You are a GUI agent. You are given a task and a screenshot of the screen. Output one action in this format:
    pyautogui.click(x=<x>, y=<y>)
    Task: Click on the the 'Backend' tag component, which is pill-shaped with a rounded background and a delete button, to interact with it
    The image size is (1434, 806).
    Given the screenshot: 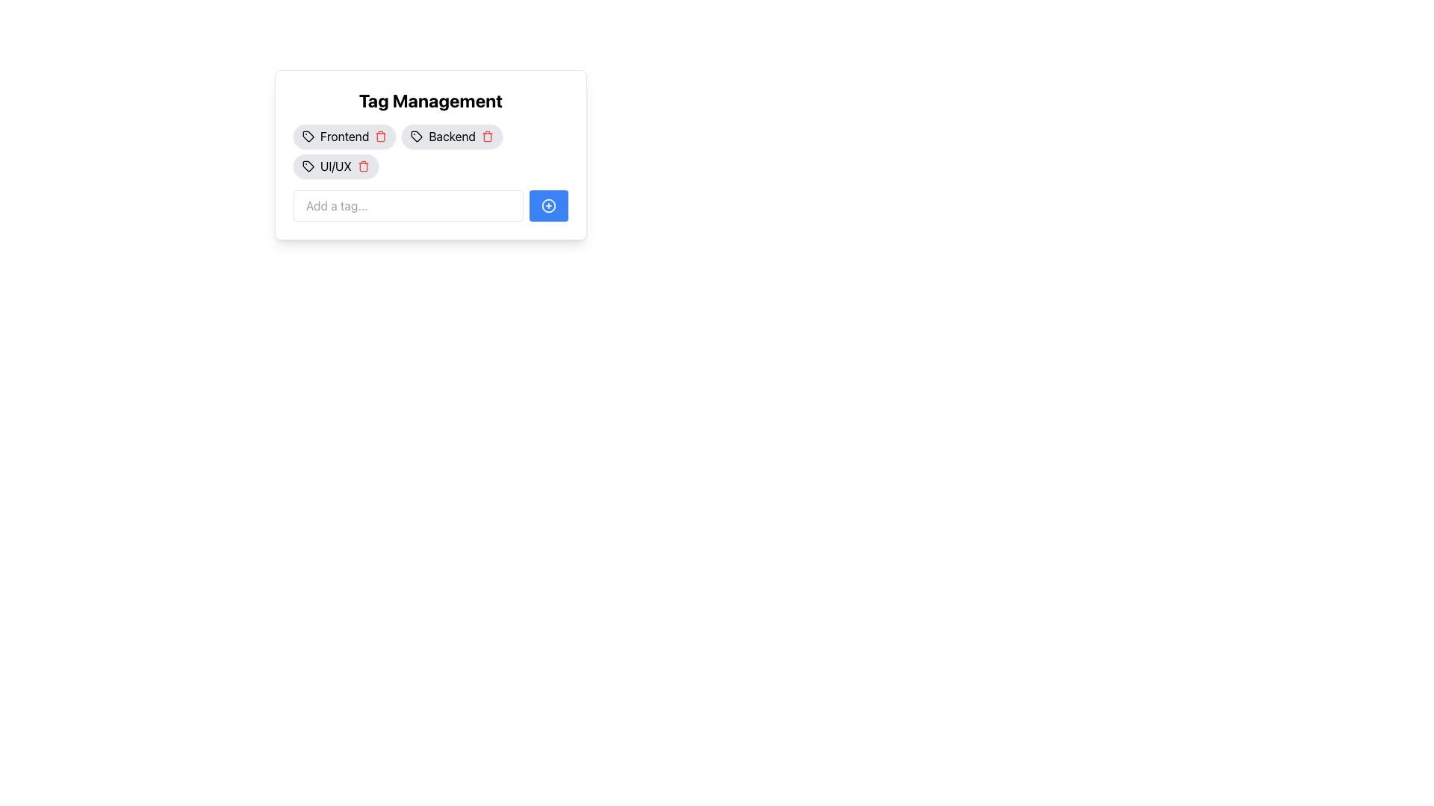 What is the action you would take?
    pyautogui.click(x=451, y=136)
    